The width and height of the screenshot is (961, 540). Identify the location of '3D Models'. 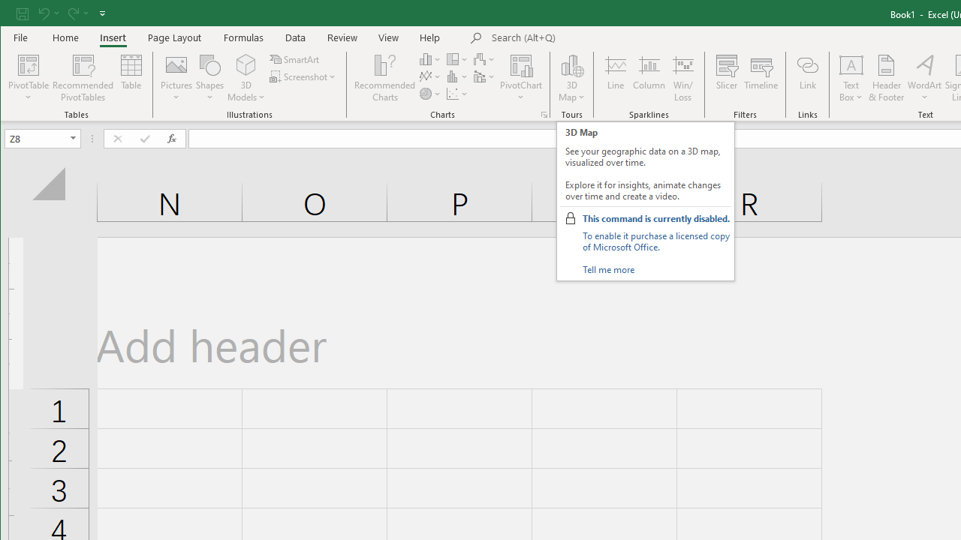
(246, 78).